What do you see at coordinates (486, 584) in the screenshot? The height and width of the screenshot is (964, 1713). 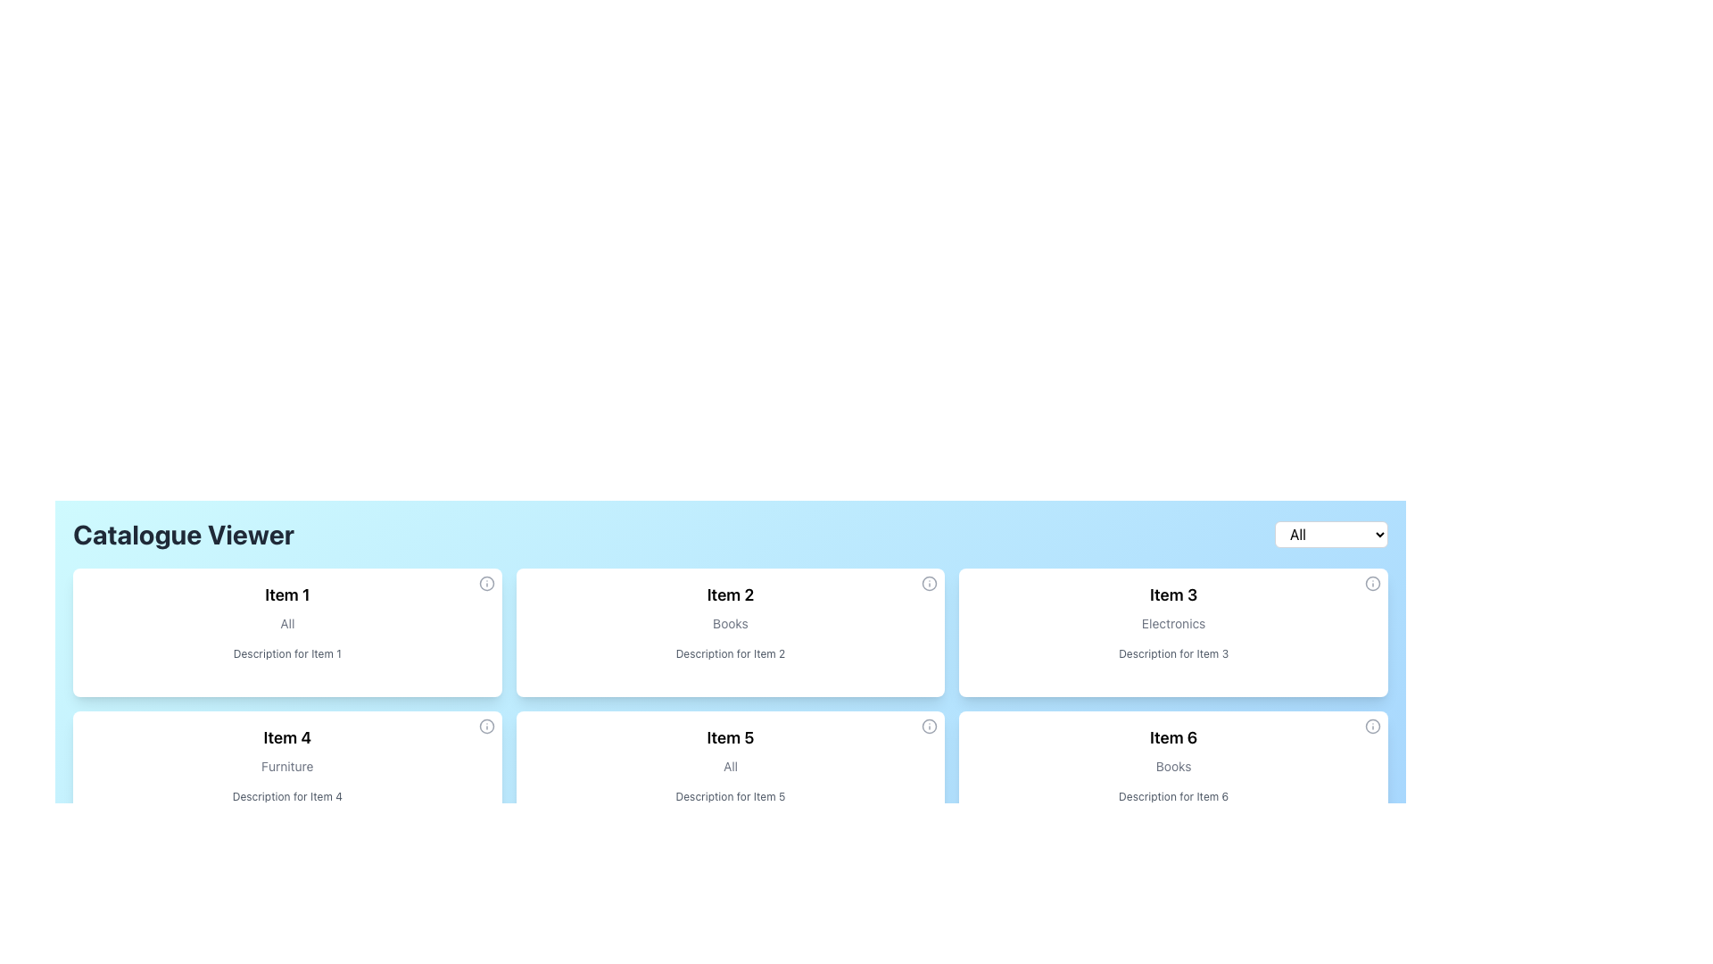 I see `the circular icon button styled as an 'i' information symbol located in the top-right corner of the 'Item 1' card to trigger the color change effect` at bounding box center [486, 584].